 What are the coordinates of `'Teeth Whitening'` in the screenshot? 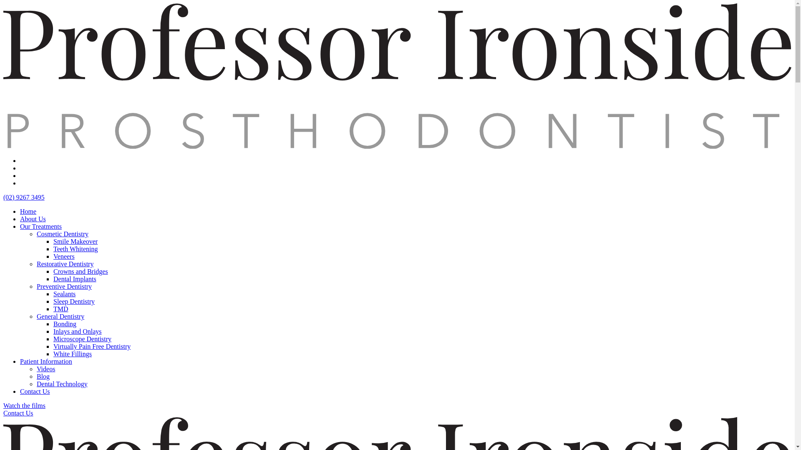 It's located at (53, 248).